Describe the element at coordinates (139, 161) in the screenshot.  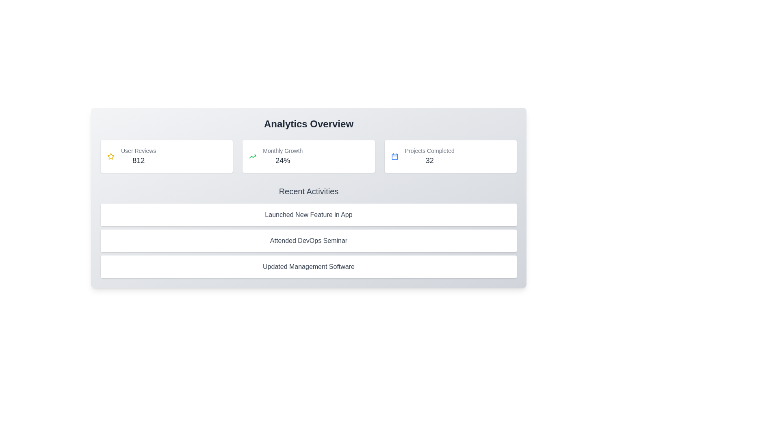
I see `the non-interactive text display field that shows the numeric value '812' related to 'User Reviews', which is located directly below the 'User Reviews' label in the first card at the top of the interface` at that location.